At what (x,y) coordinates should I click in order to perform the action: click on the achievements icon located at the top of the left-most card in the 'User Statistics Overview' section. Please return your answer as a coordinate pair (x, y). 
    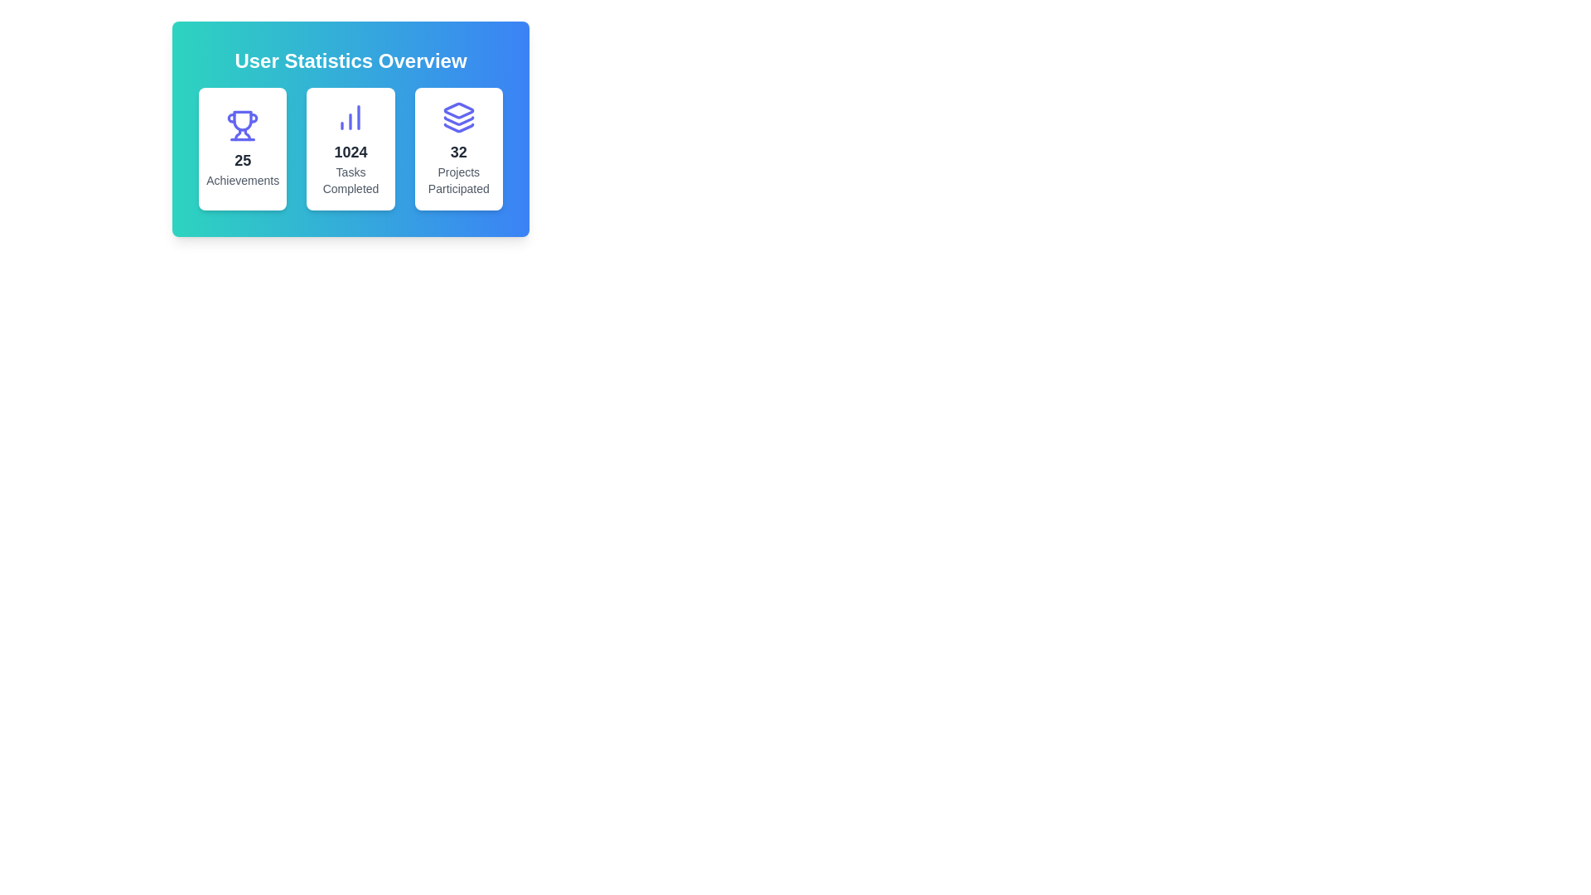
    Looking at the image, I should click on (242, 124).